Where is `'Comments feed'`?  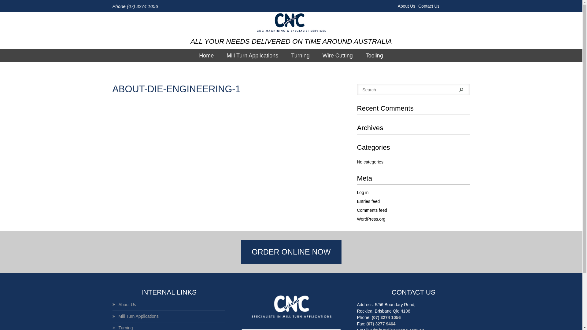 'Comments feed' is located at coordinates (372, 210).